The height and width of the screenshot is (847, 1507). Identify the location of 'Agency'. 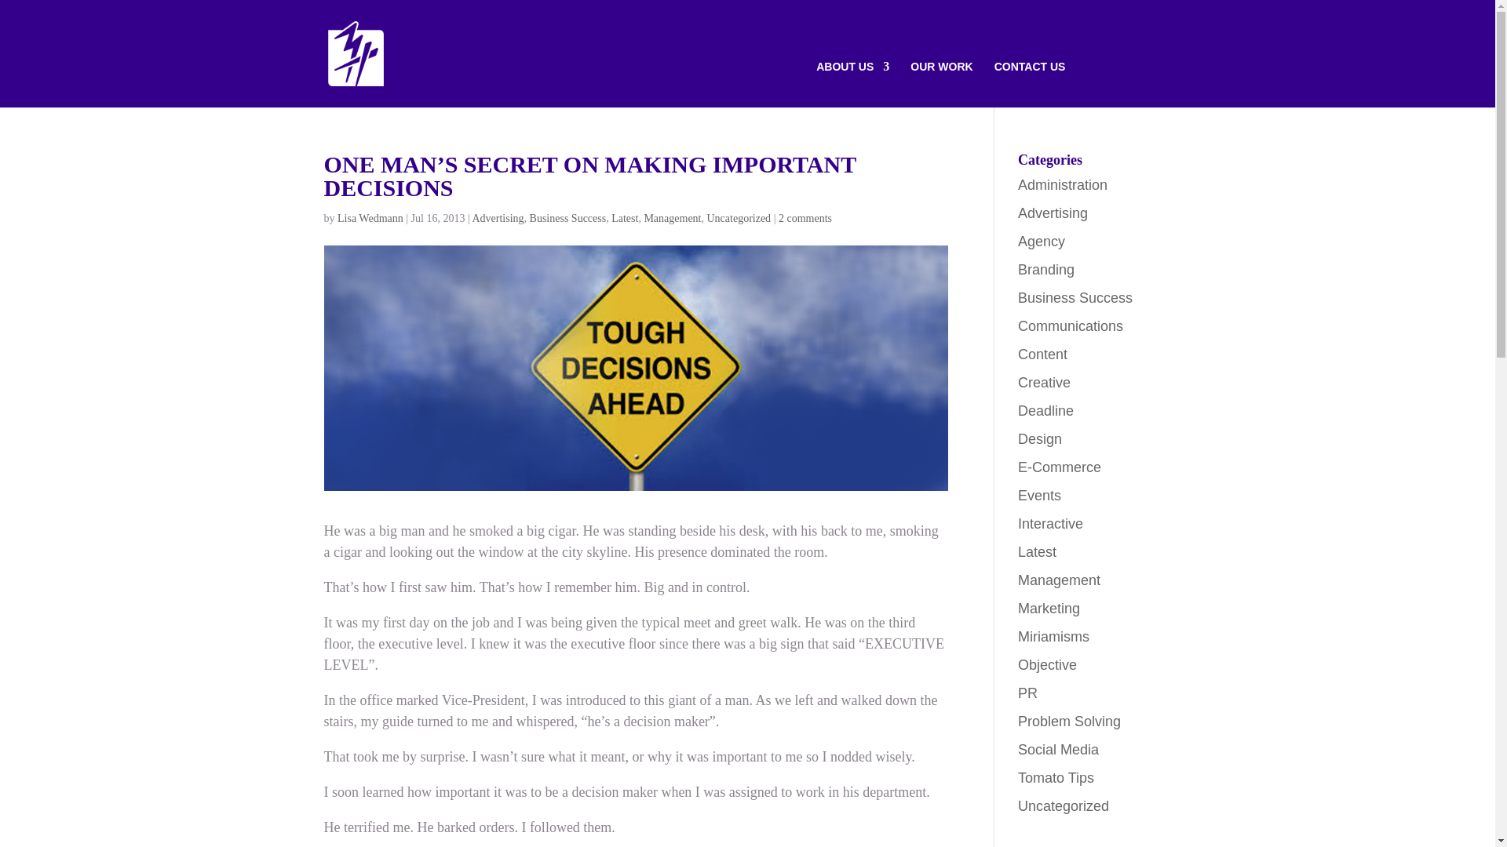
(1041, 242).